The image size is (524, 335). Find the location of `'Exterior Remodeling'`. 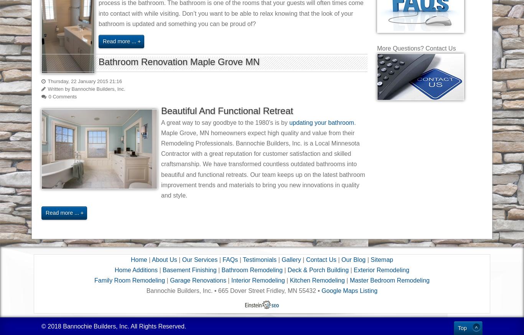

'Exterior Remodeling' is located at coordinates (381, 270).